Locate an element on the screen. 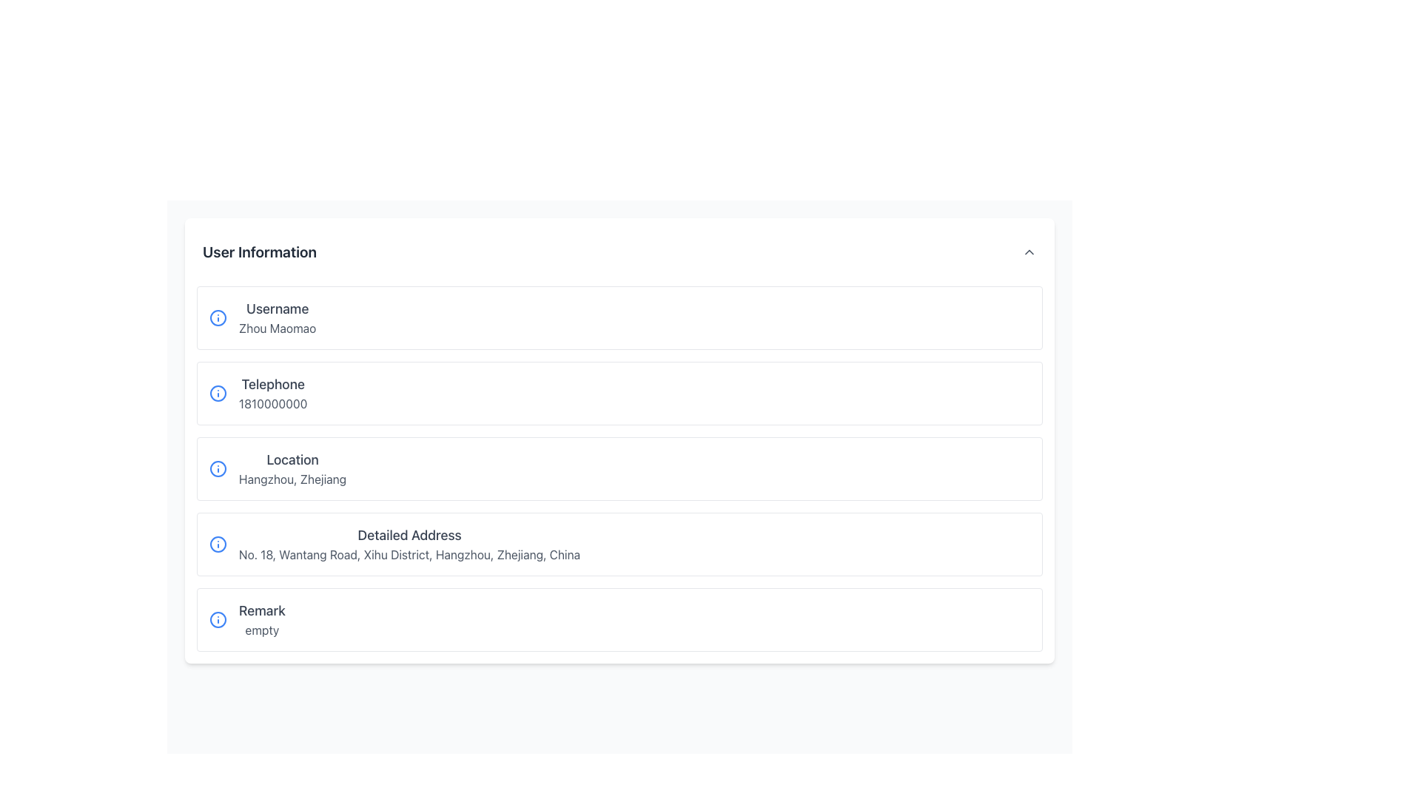  the address information display element in the 'User Information' form, which is the fourth data row labeled with an info icon on its left side is located at coordinates (409, 545).